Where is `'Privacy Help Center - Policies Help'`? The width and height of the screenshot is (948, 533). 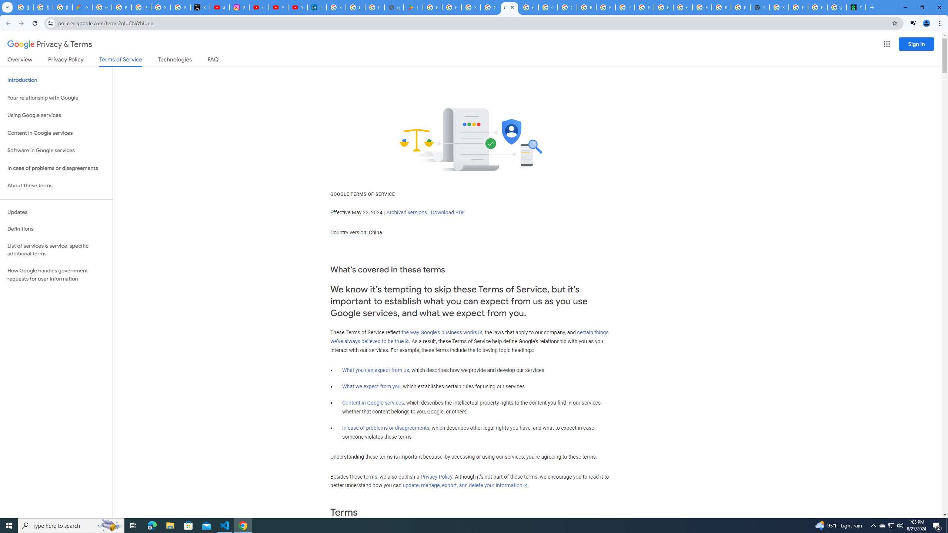 'Privacy Help Center - Policies Help' is located at coordinates (141, 7).